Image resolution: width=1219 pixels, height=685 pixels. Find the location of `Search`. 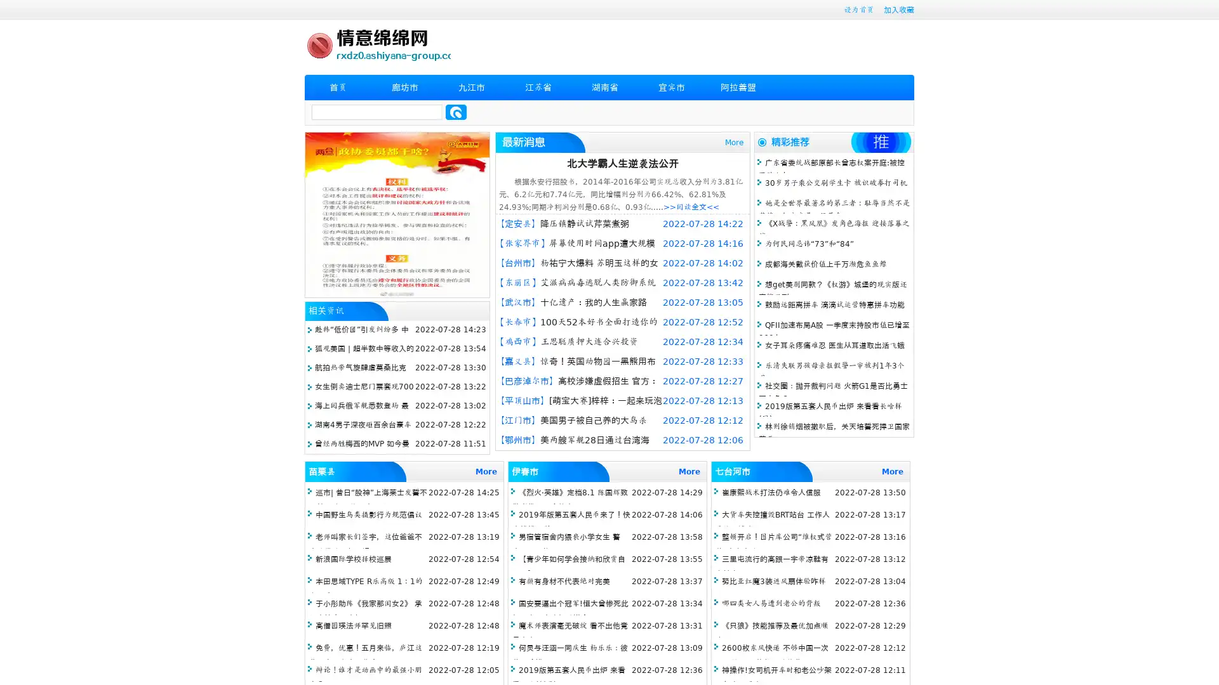

Search is located at coordinates (456, 112).